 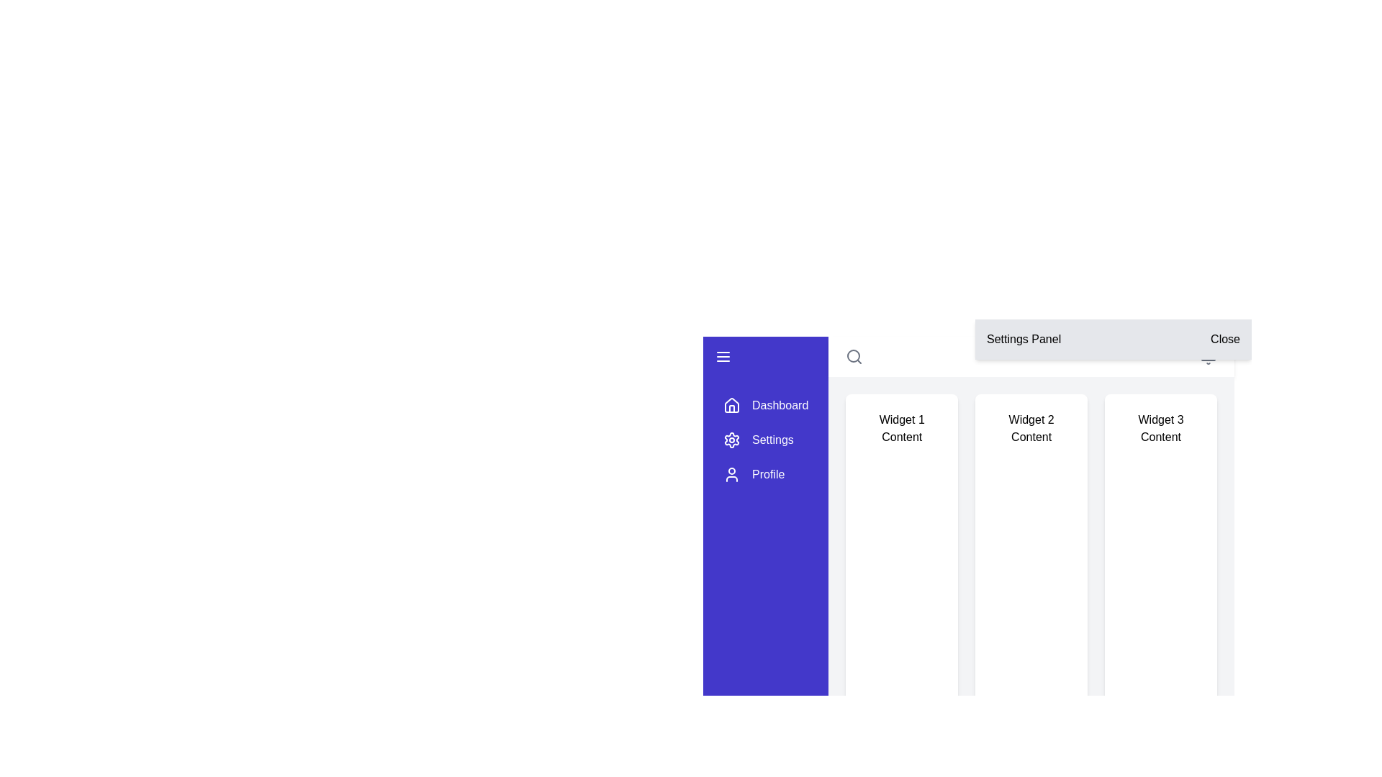 What do you see at coordinates (767, 474) in the screenshot?
I see `the Text label indicating the profile section of the navigation menu, located below the 'Settings' text and icon` at bounding box center [767, 474].